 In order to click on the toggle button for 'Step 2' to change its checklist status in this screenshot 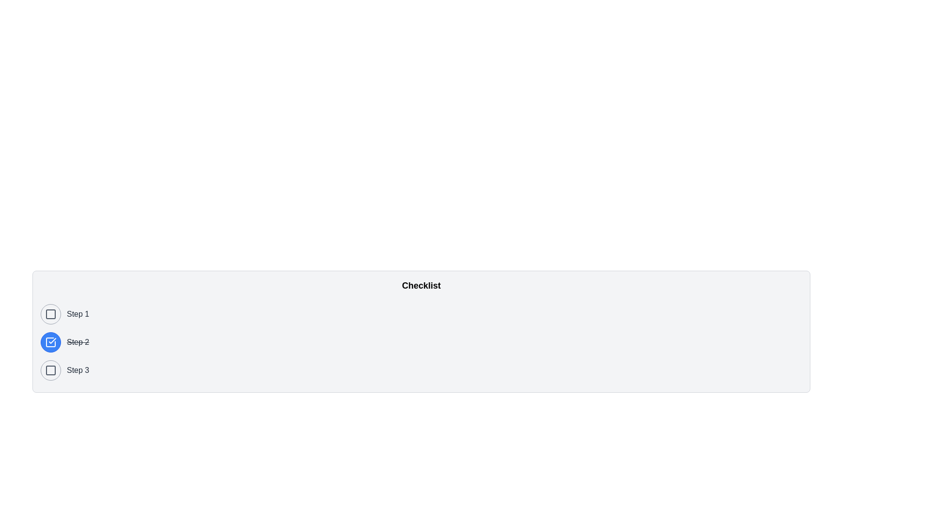, I will do `click(50, 341)`.